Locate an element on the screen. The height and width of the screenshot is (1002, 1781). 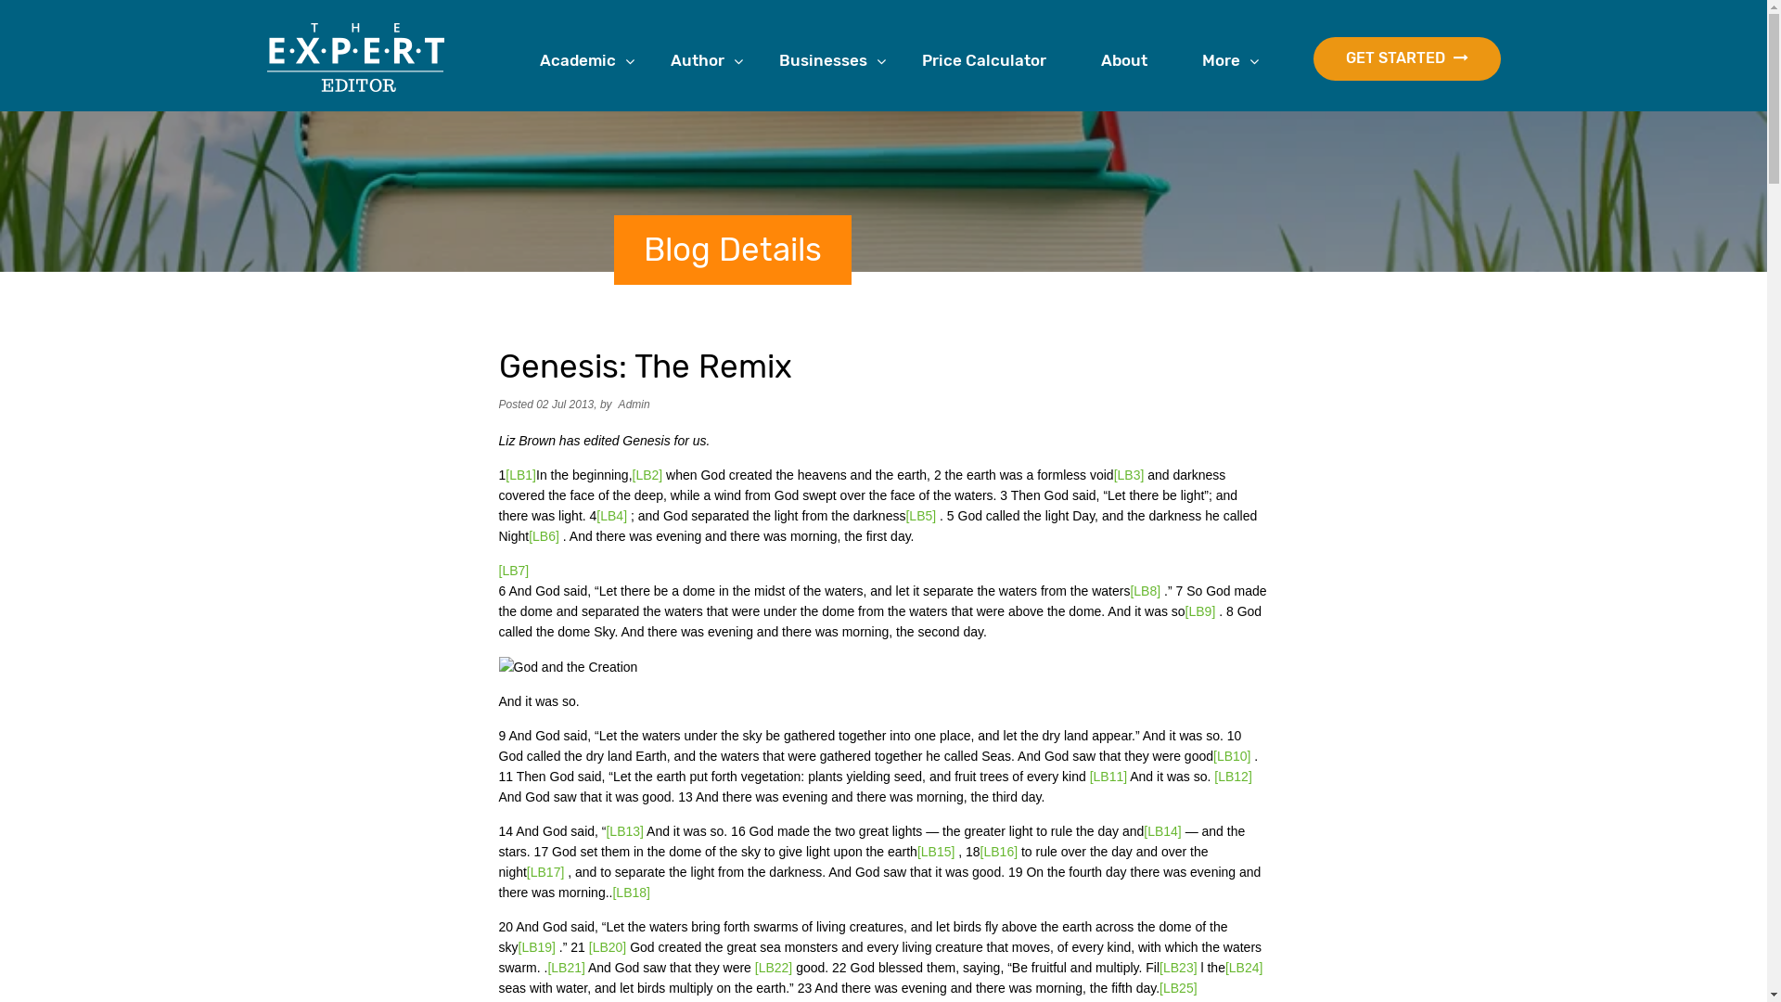
'Businesses' is located at coordinates (828, 60).